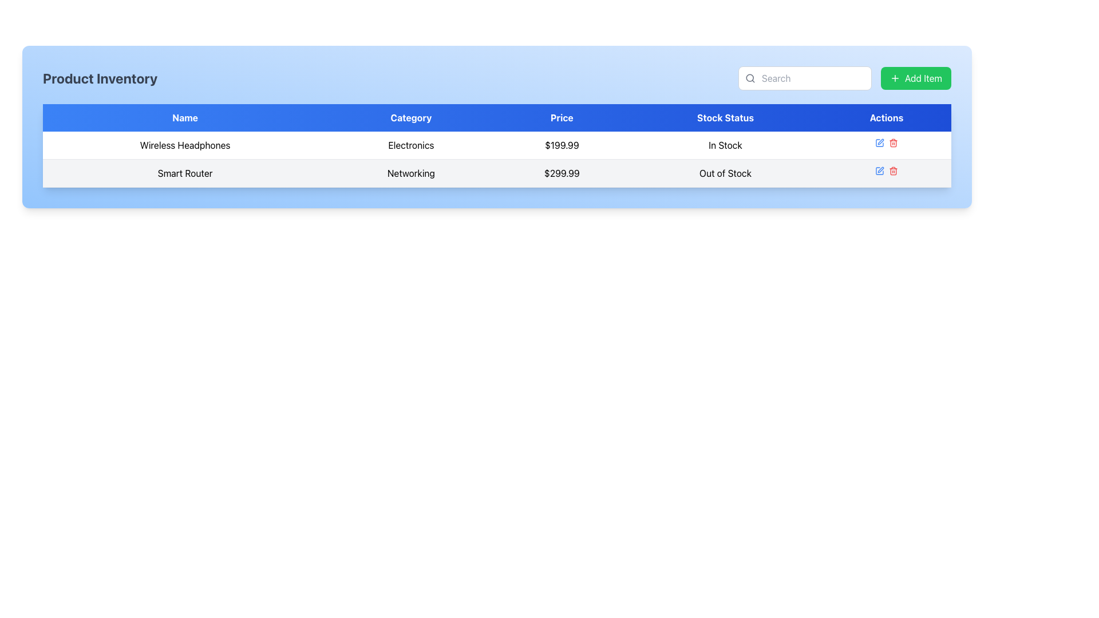 The image size is (1099, 618). I want to click on the small grayscale magnifying glass icon located at the top-left corner of the search input field, so click(750, 78).